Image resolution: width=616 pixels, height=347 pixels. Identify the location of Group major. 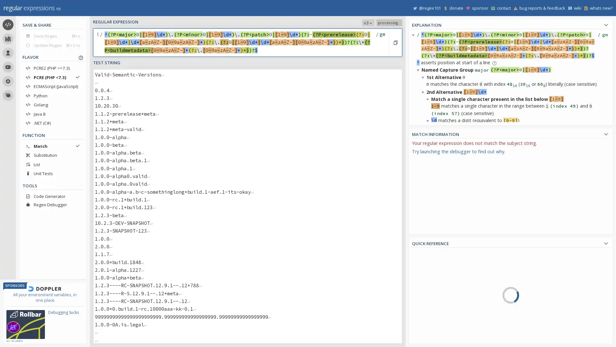
(429, 265).